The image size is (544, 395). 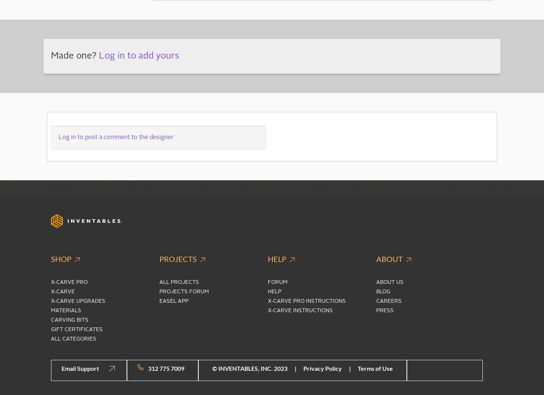 What do you see at coordinates (62, 258) in the screenshot?
I see `'Shop'` at bounding box center [62, 258].